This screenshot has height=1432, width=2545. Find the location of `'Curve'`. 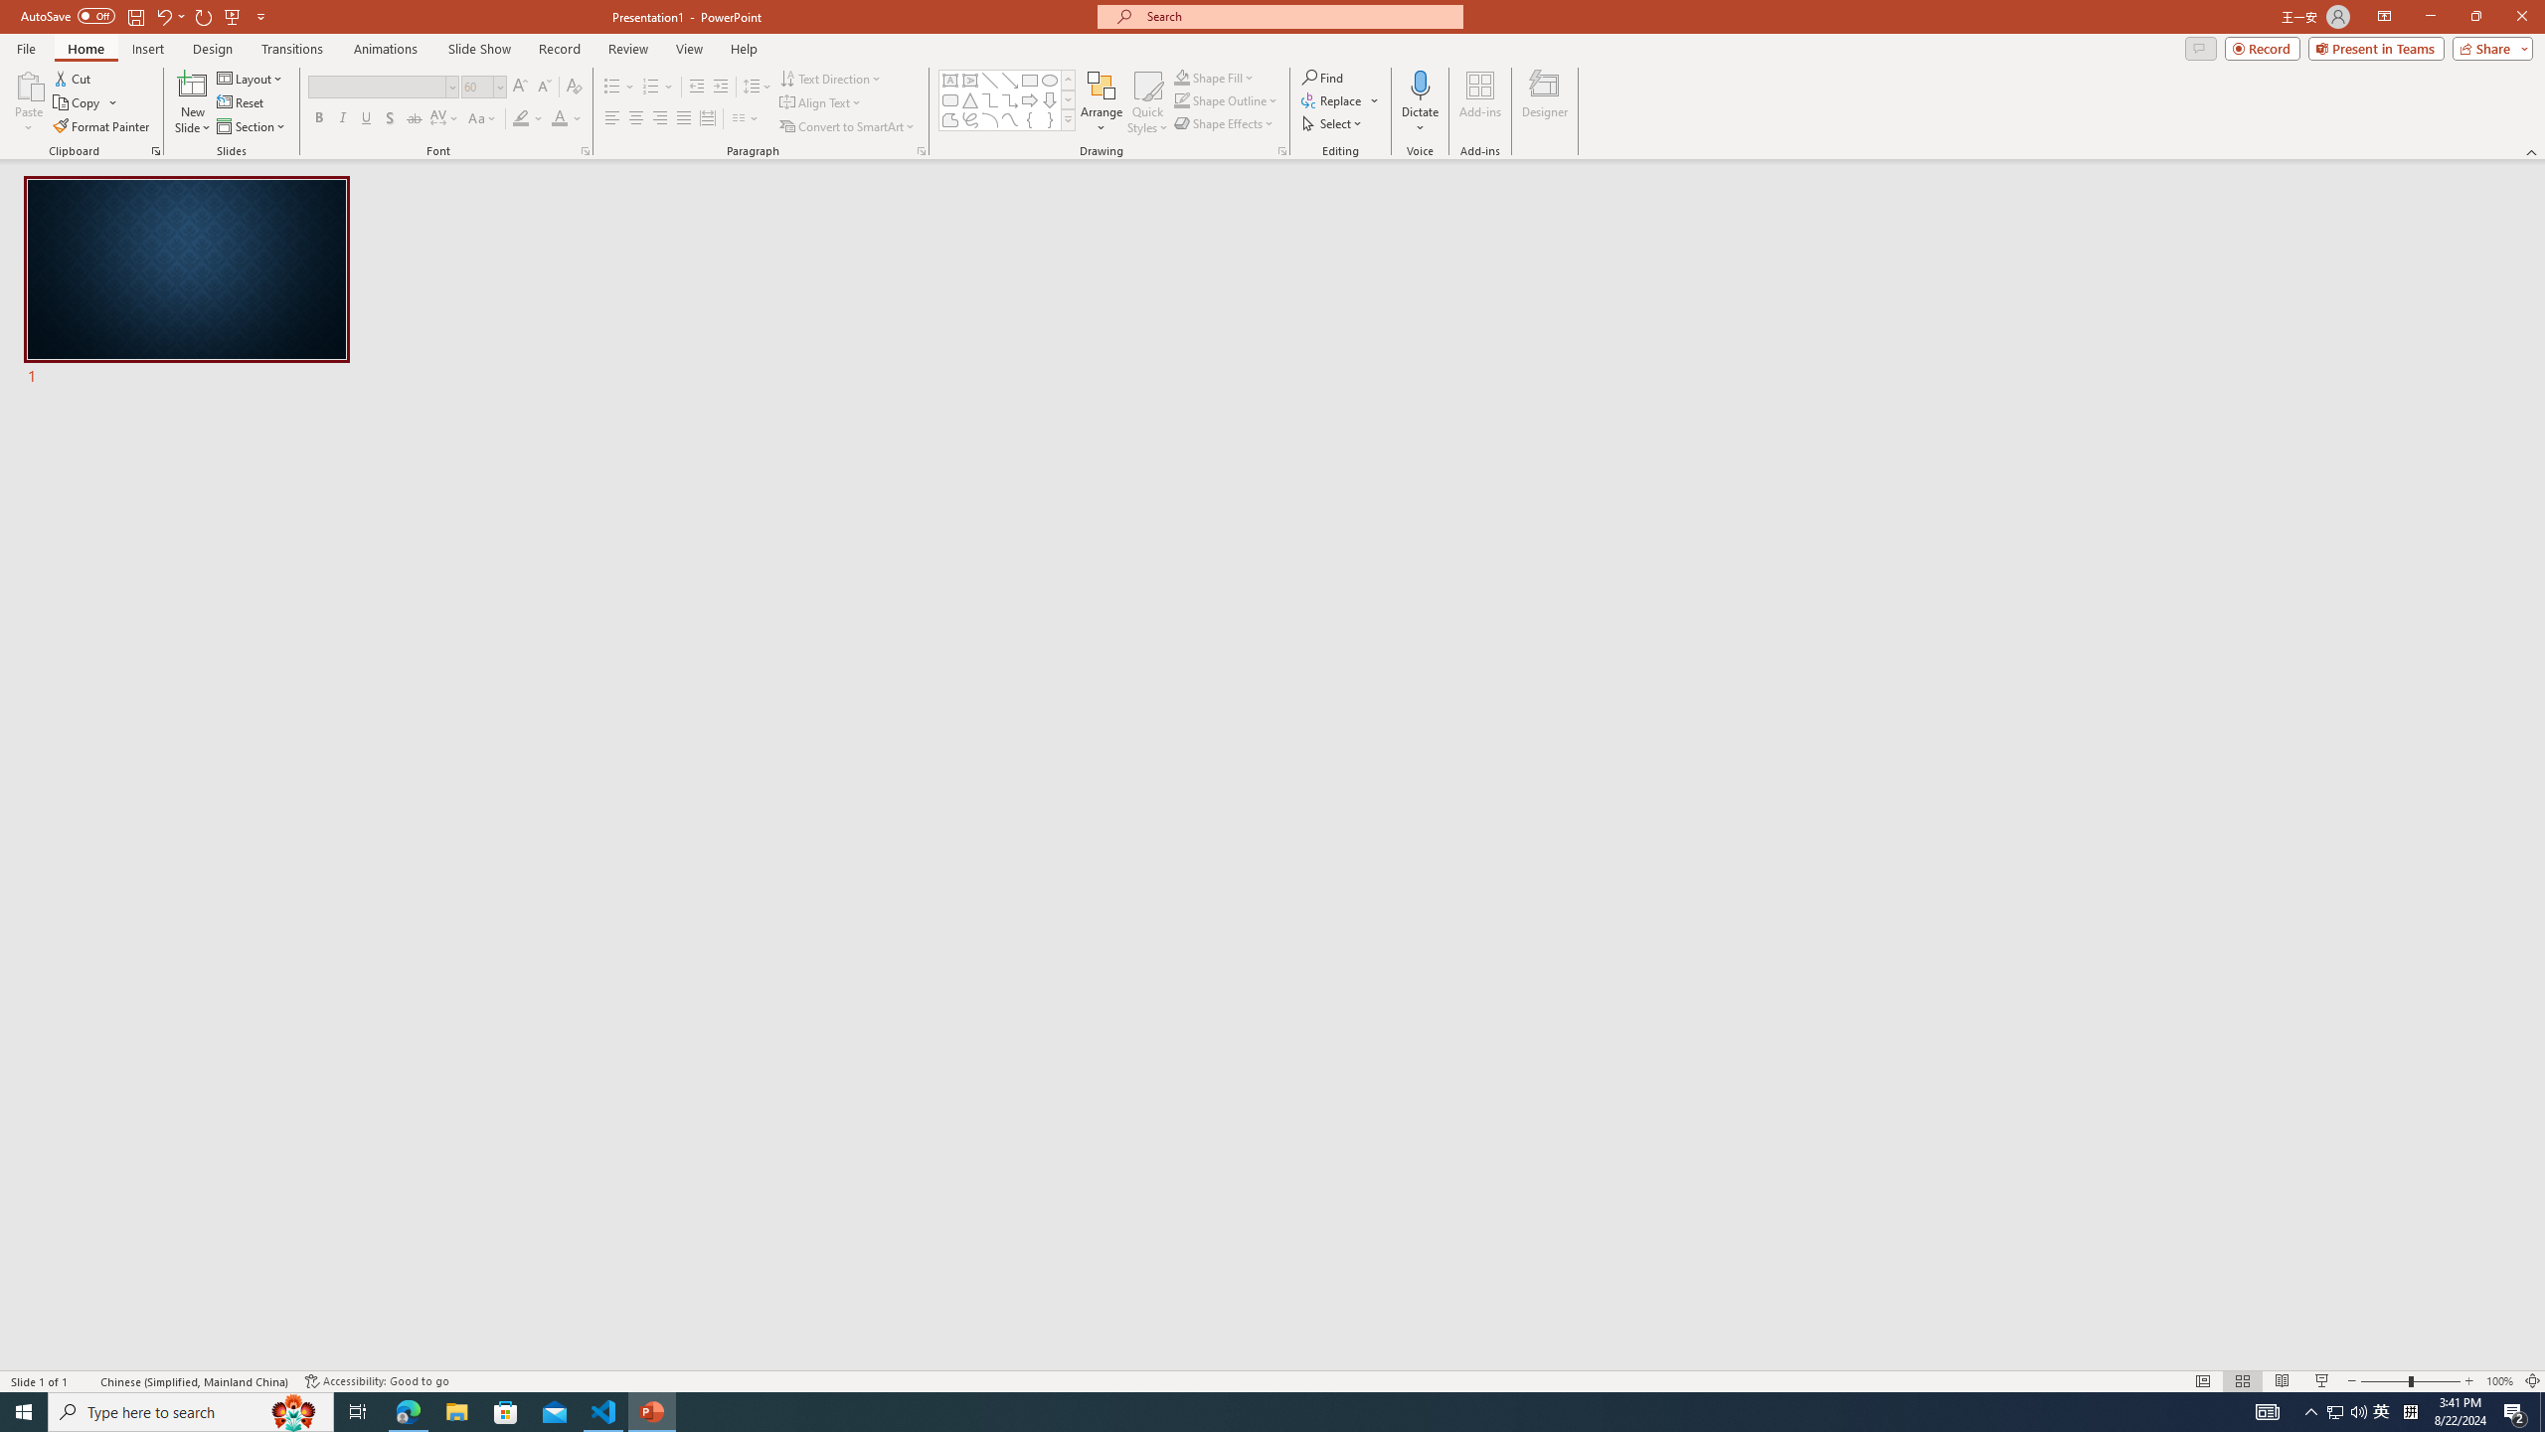

'Curve' is located at coordinates (1009, 118).